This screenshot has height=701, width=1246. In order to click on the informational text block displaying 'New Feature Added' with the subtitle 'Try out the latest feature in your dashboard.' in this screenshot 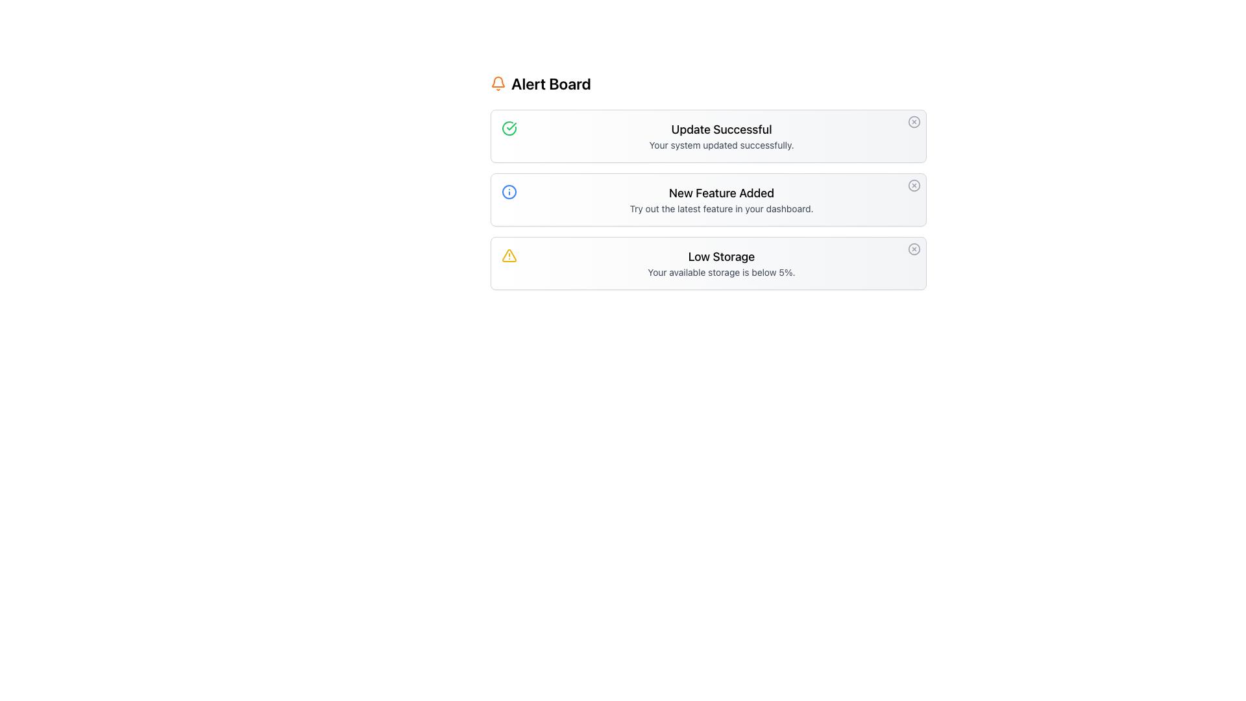, I will do `click(721, 200)`.